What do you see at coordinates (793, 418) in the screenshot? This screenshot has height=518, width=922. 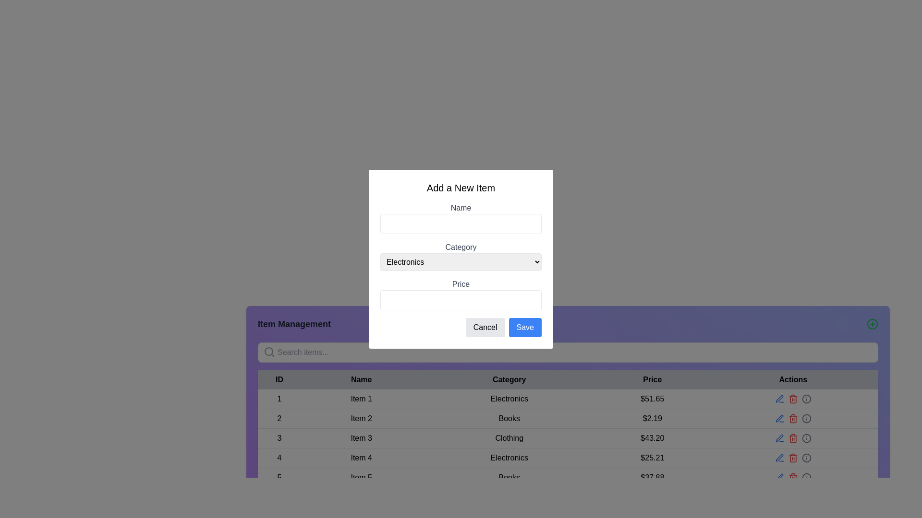 I see `the delete button icon in the third column of the actions for 'Item 2'` at bounding box center [793, 418].